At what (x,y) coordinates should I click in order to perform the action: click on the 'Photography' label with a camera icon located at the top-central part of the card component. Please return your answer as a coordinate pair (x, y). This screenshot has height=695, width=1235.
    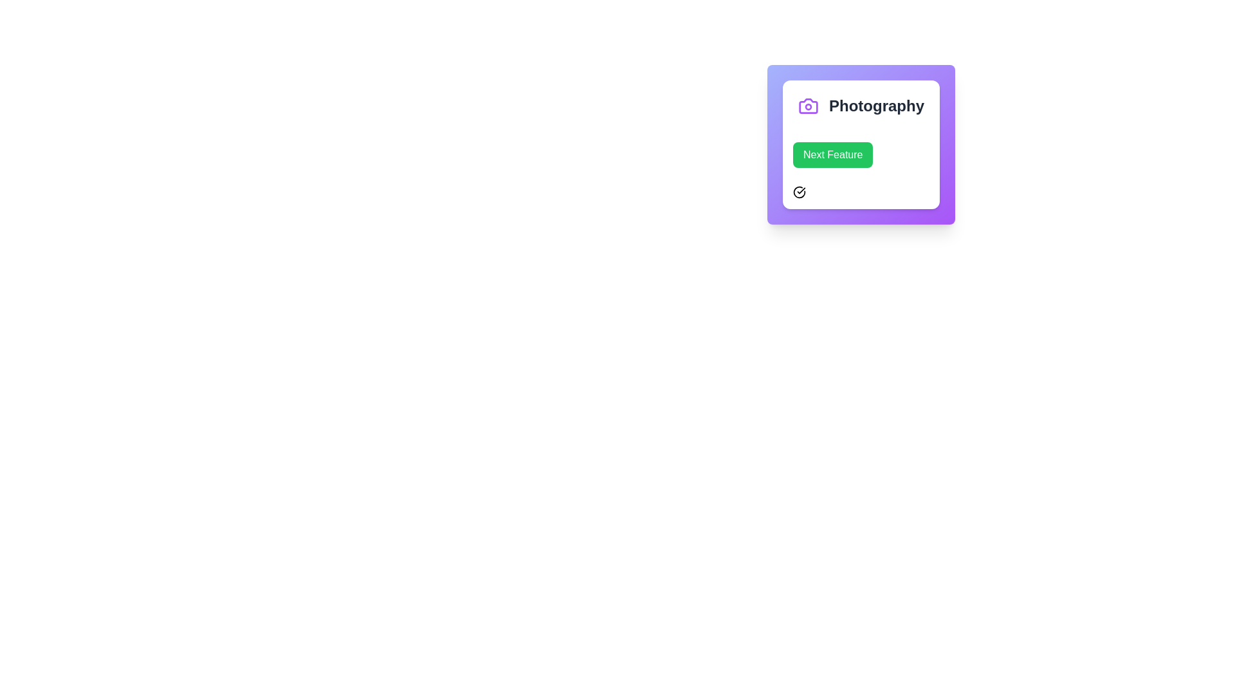
    Looking at the image, I should click on (861, 106).